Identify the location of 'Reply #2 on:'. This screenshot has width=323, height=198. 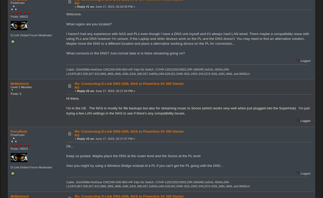
(77, 91).